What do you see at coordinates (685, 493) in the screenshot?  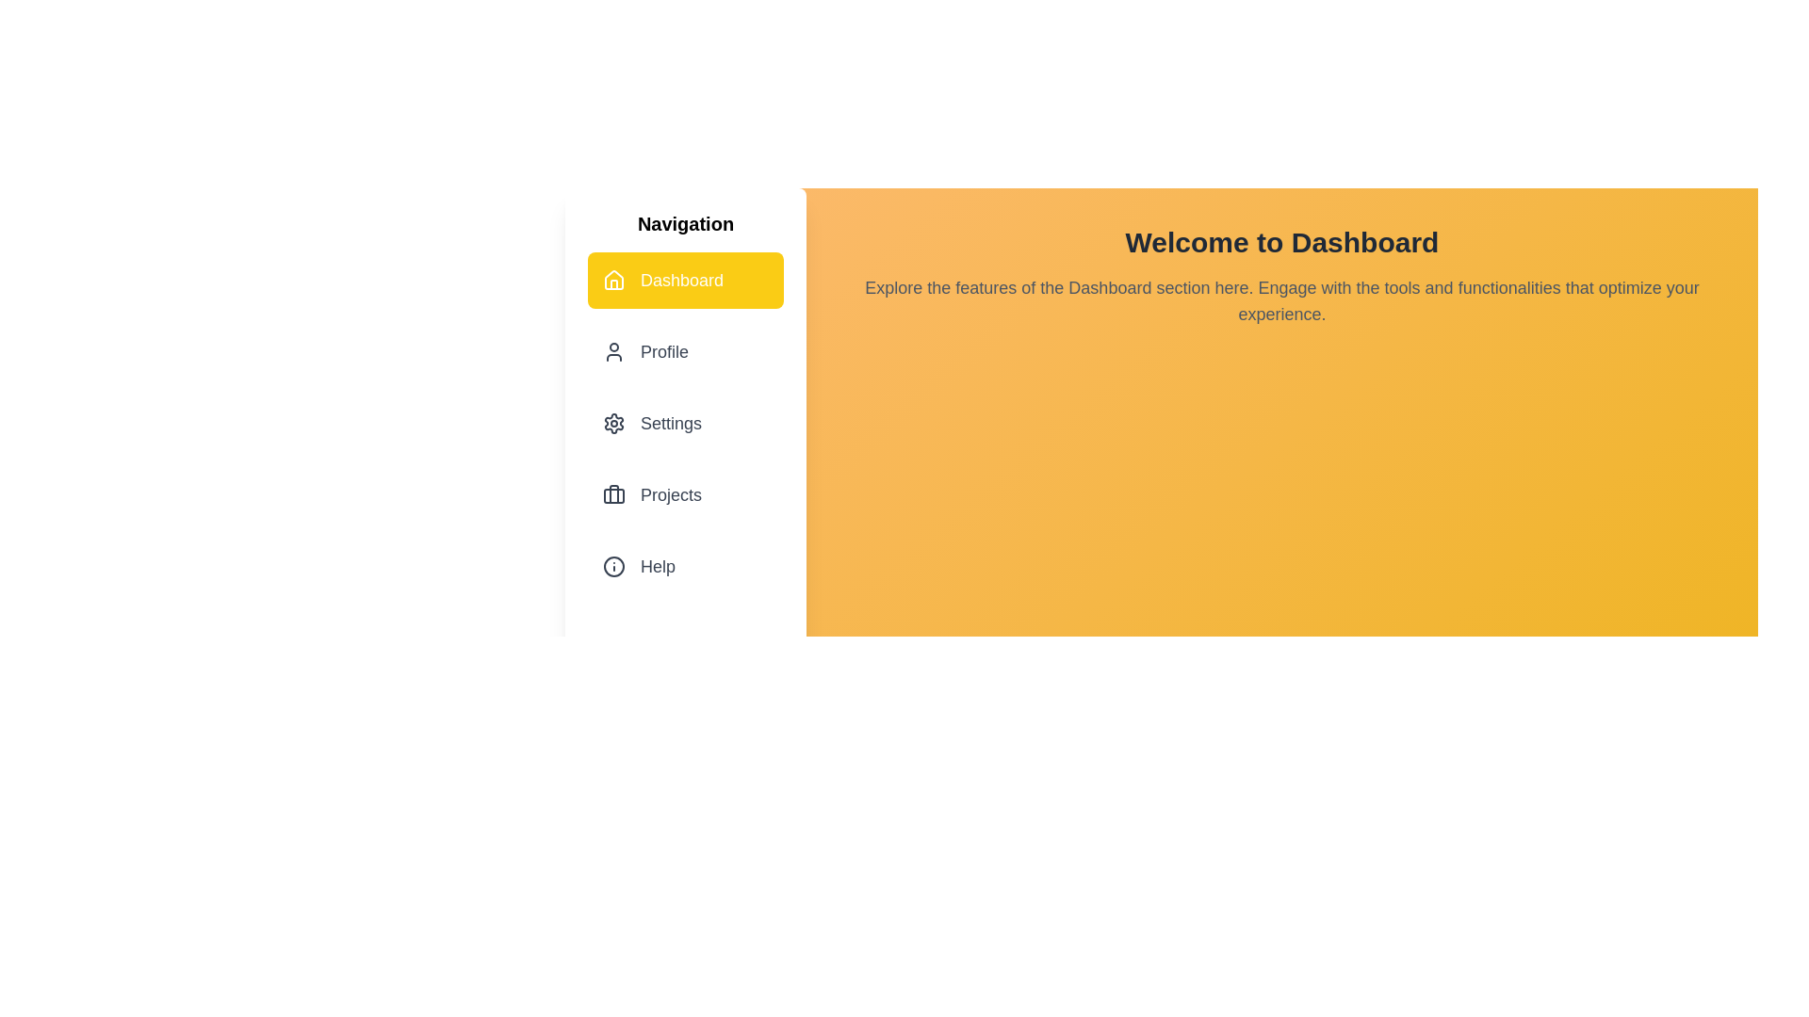 I see `the menu item corresponding to Projects` at bounding box center [685, 493].